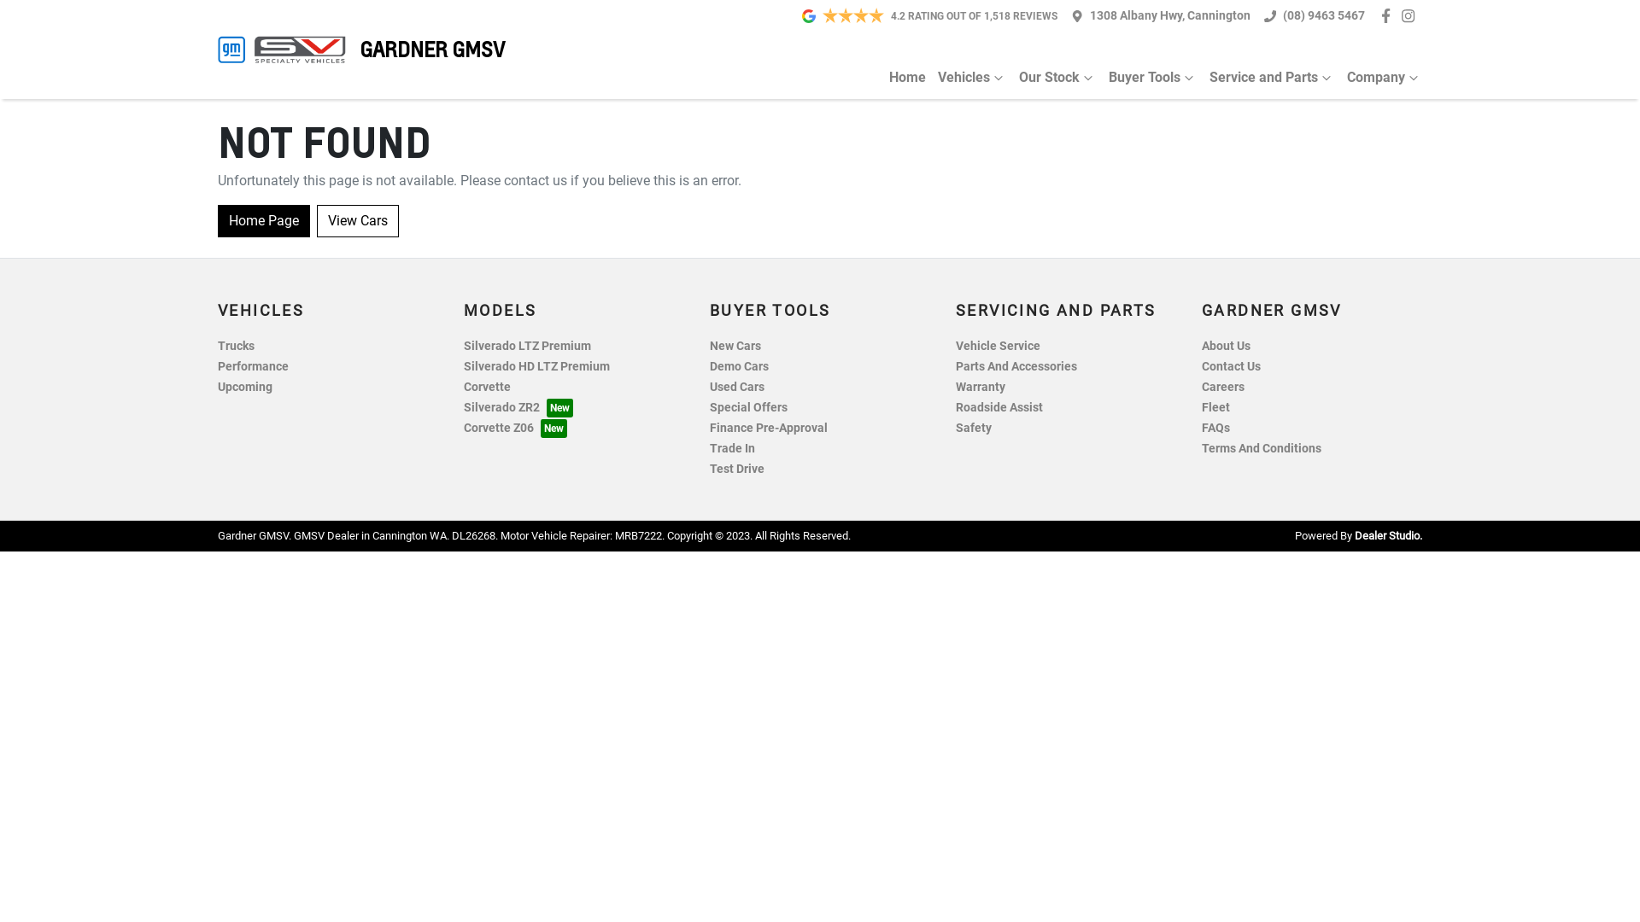  What do you see at coordinates (709, 407) in the screenshot?
I see `'Special Offers'` at bounding box center [709, 407].